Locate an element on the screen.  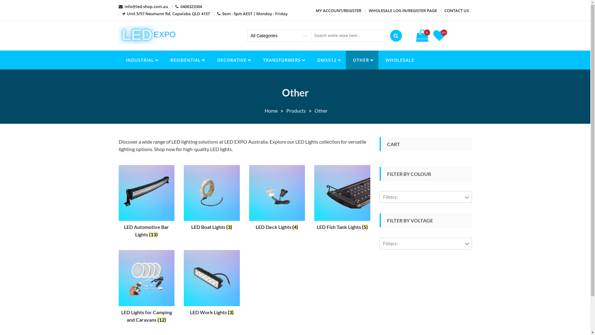
'OTHER' is located at coordinates (362, 60).